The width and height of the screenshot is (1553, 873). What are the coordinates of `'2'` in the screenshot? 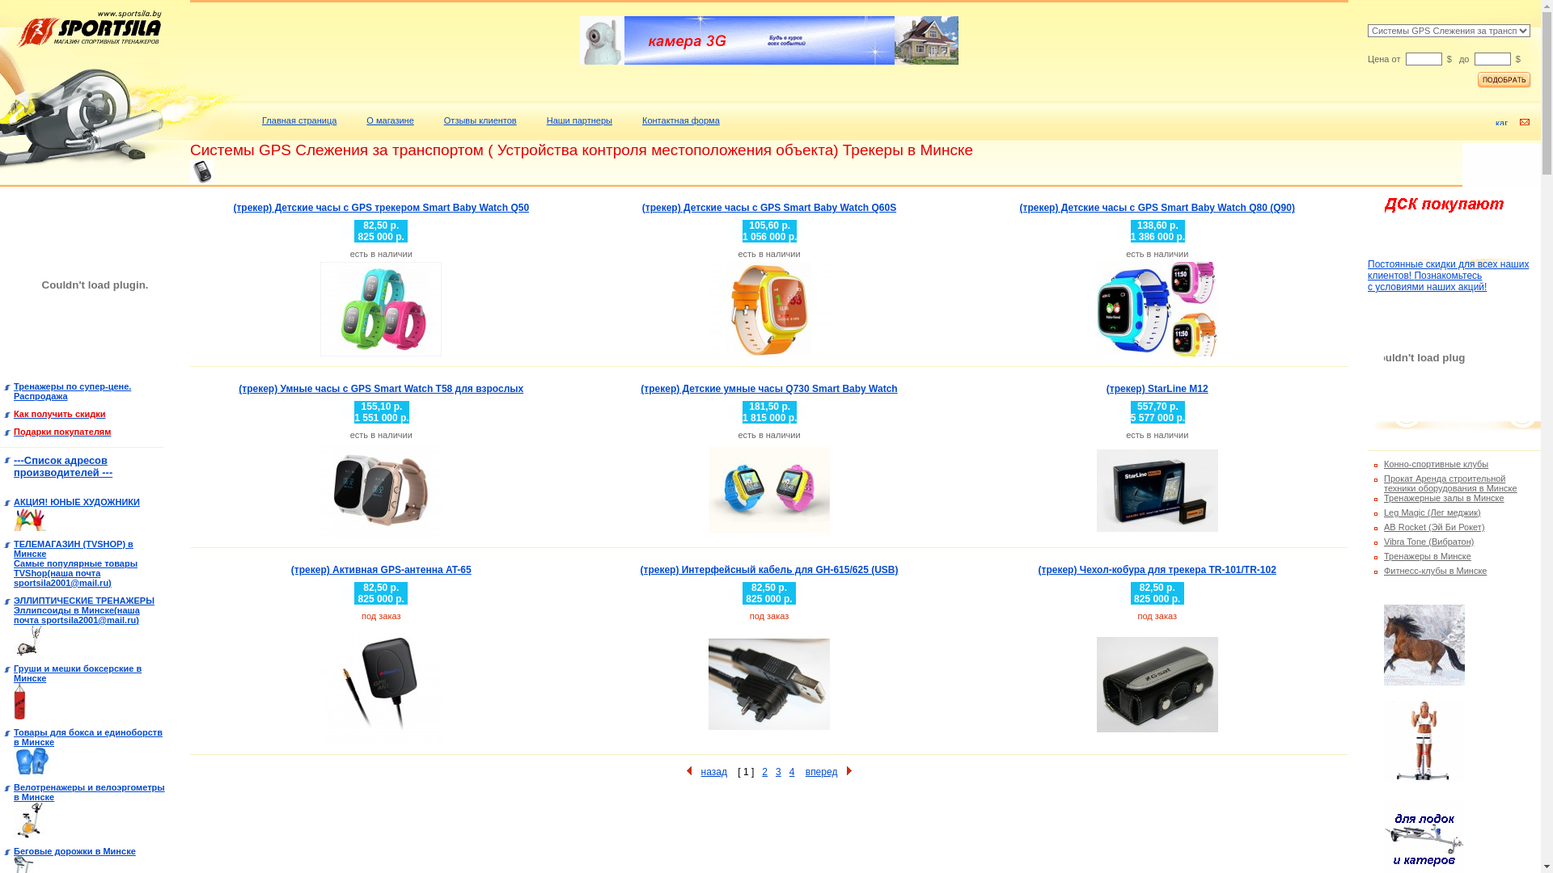 It's located at (764, 771).